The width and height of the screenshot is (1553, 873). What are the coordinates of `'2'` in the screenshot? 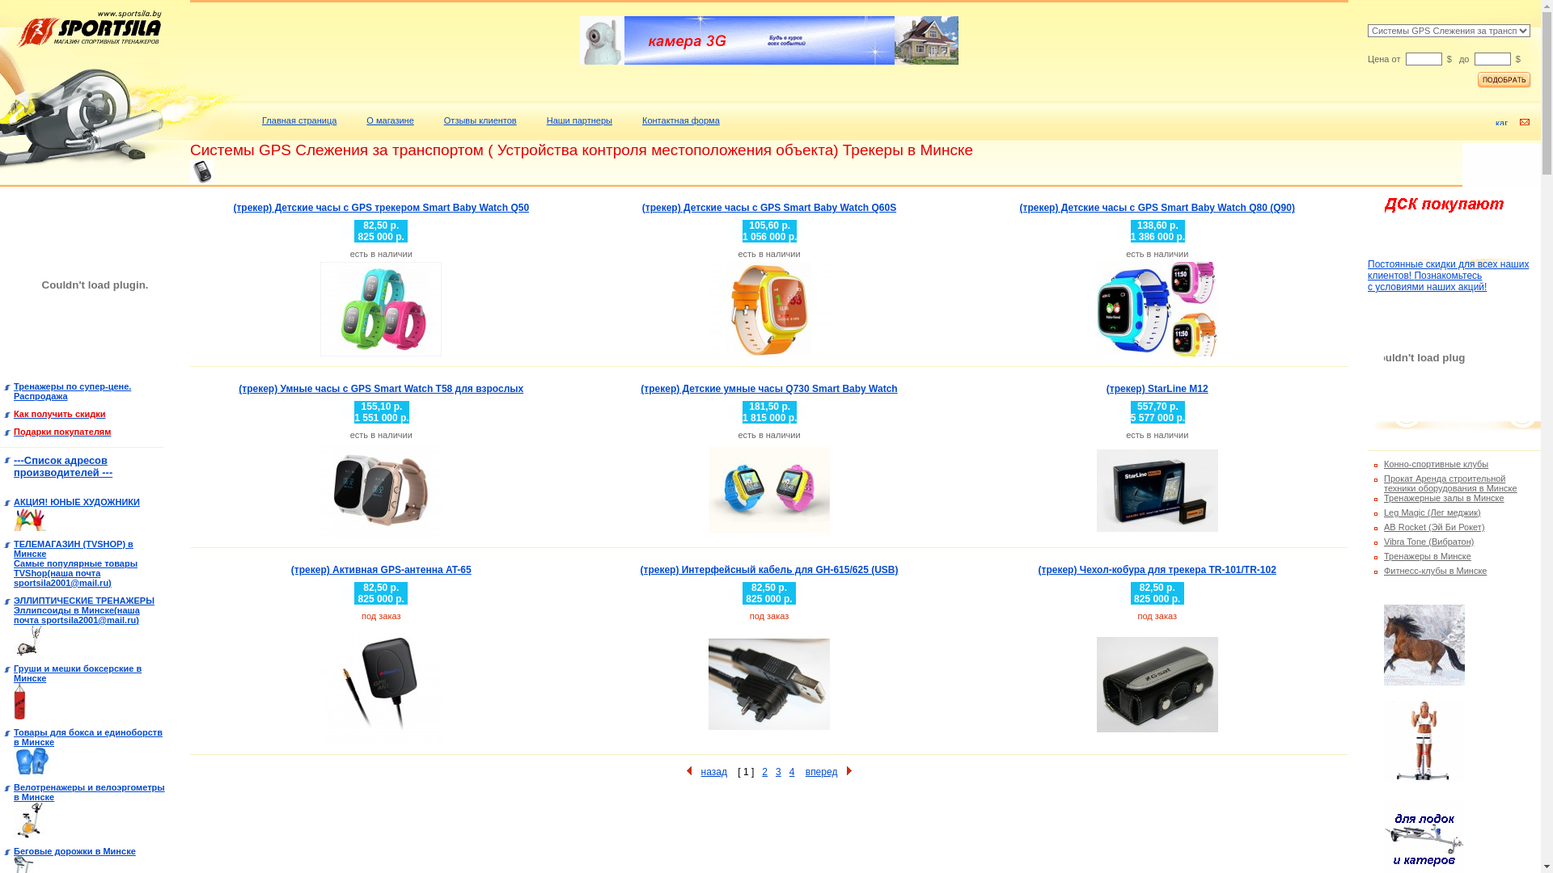 It's located at (764, 771).